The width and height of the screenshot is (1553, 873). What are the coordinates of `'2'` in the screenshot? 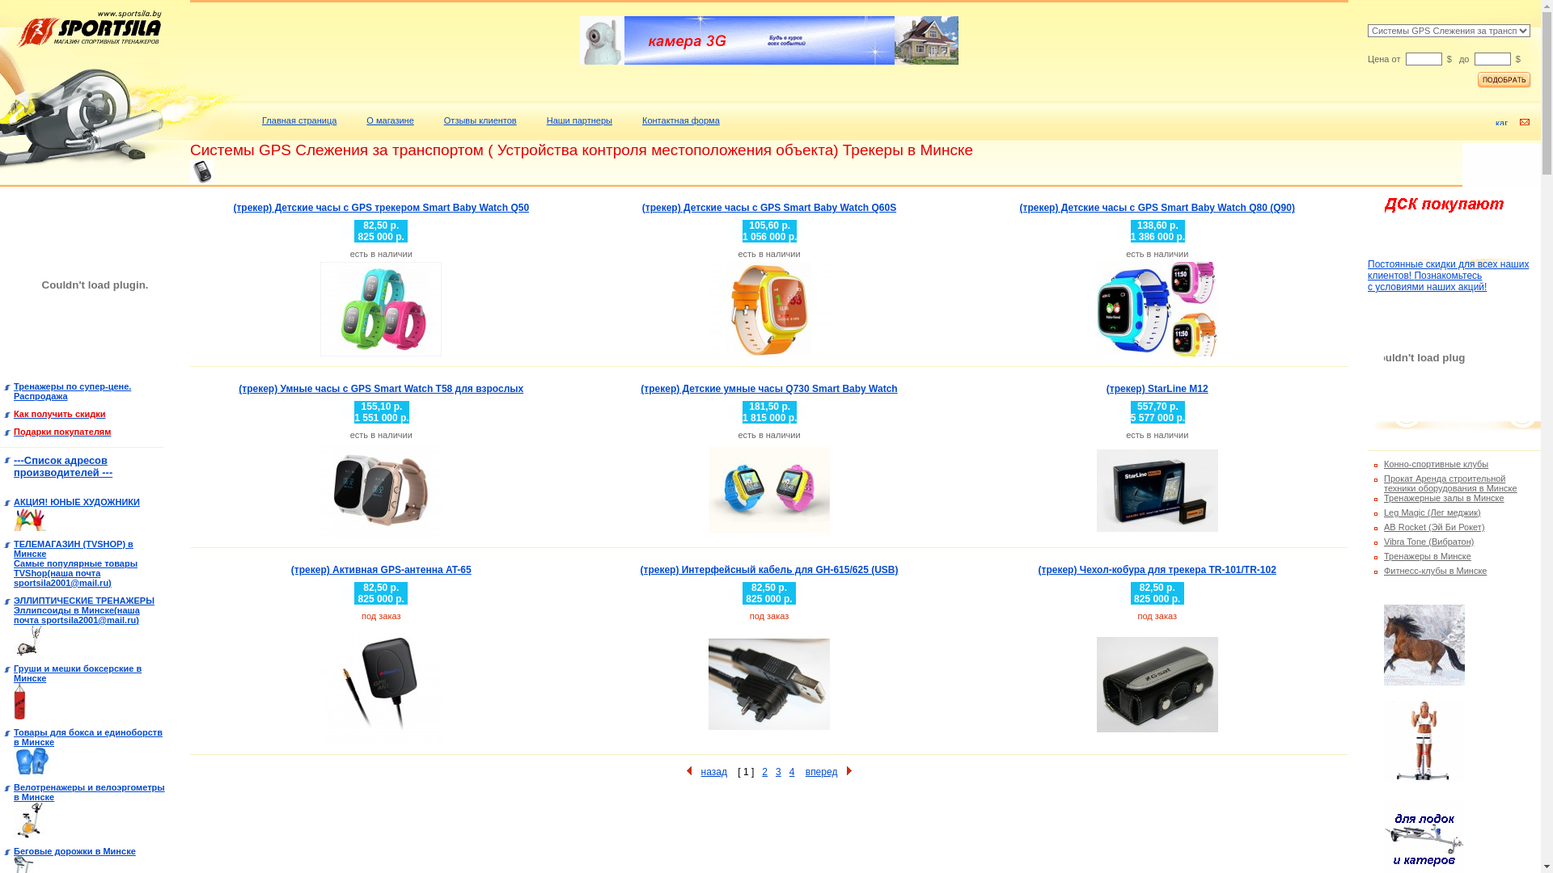 It's located at (764, 771).